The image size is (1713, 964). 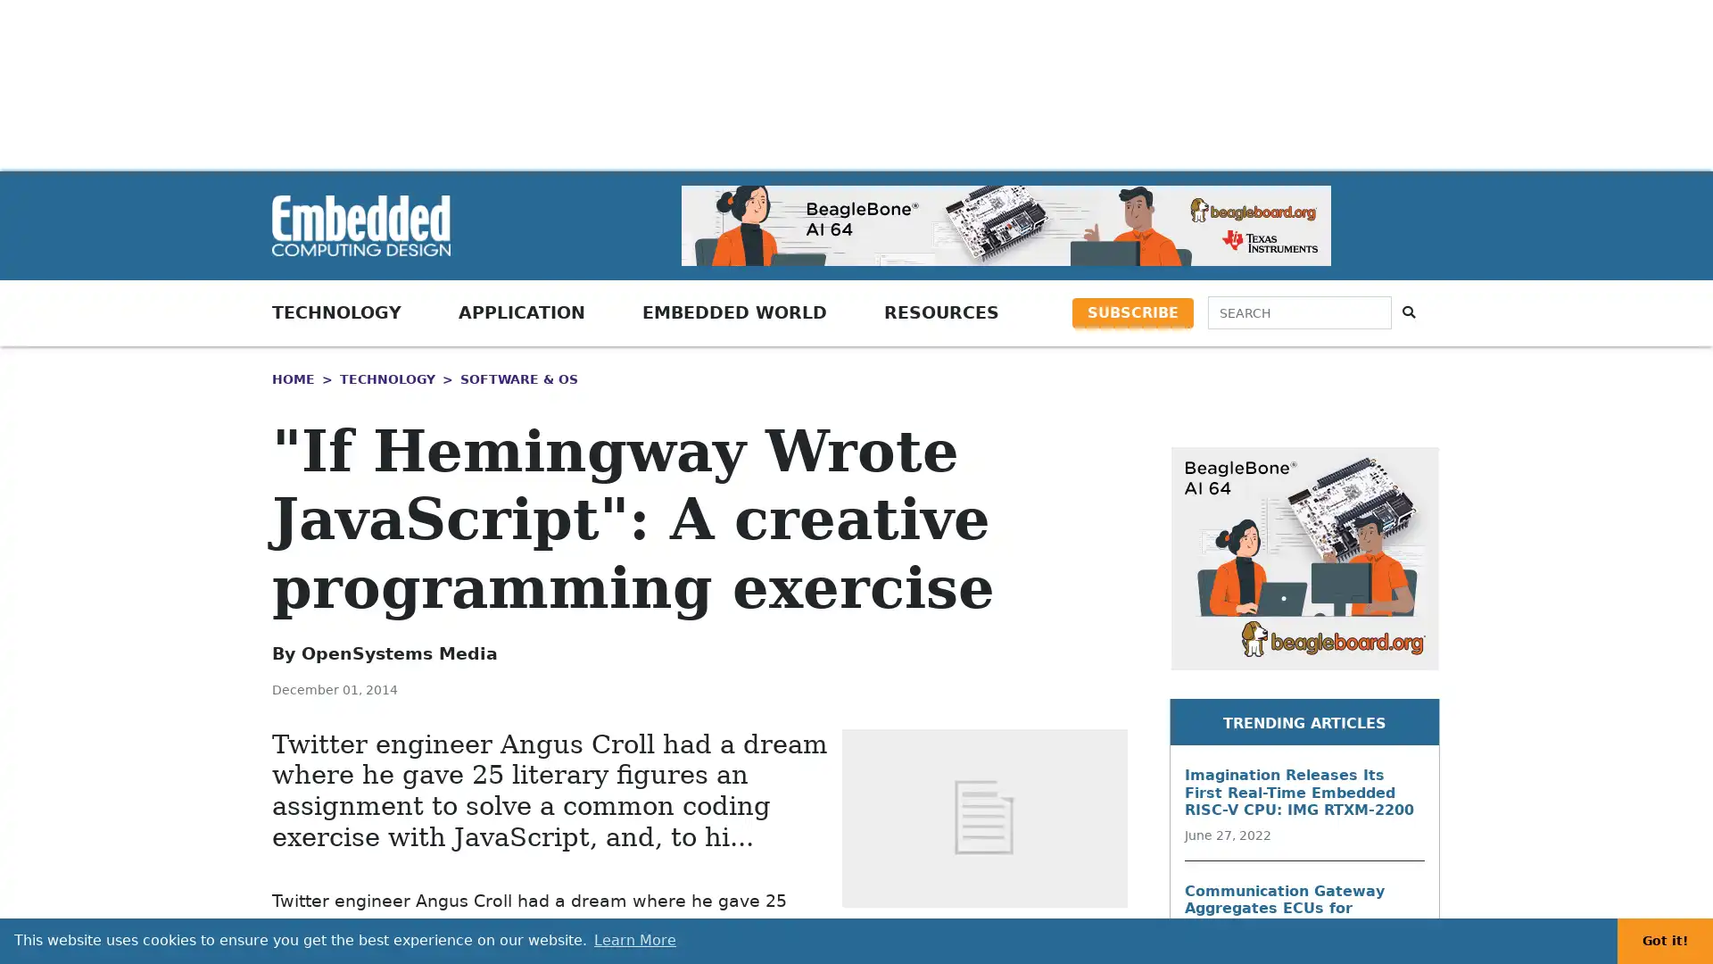 What do you see at coordinates (321, 664) in the screenshot?
I see `Share to LinkedIn LinkedIn` at bounding box center [321, 664].